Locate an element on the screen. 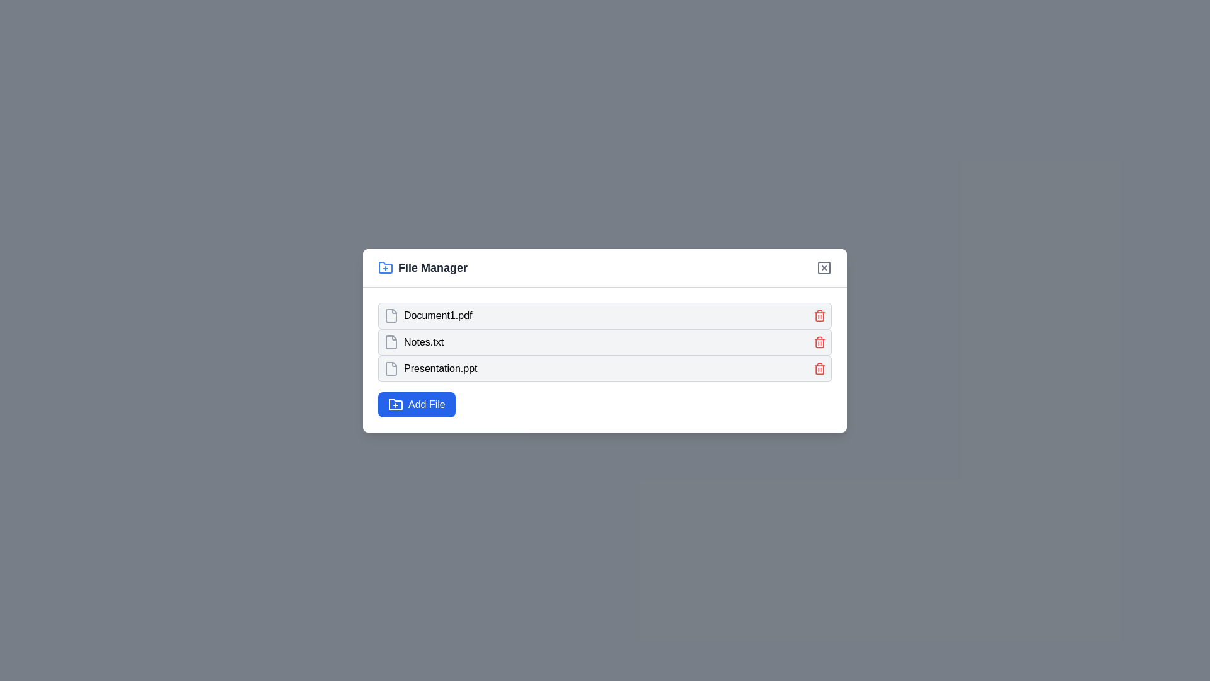 The width and height of the screenshot is (1210, 681). the static text label representing the name of the file, which is the third item in a vertical list of file entries positioned below 'Notes.txt' and above the 'Add File' button is located at coordinates (441, 368).